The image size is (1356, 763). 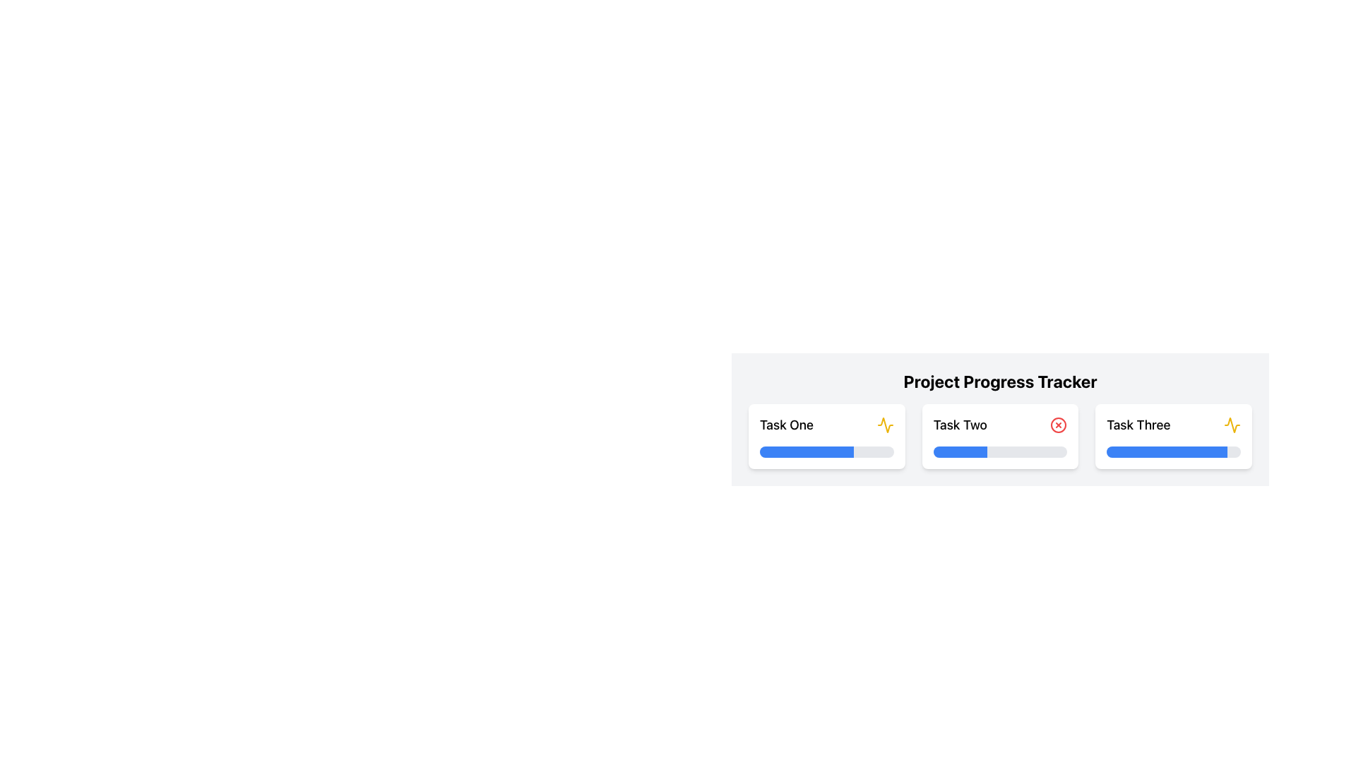 I want to click on the 'Task Two' card in the 'Project Progress Tracker', so click(x=999, y=435).